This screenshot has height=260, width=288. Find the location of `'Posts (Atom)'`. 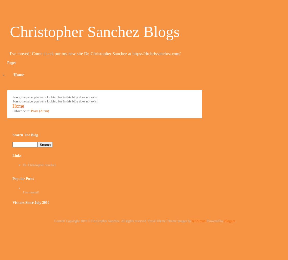

'Posts (Atom)' is located at coordinates (40, 111).